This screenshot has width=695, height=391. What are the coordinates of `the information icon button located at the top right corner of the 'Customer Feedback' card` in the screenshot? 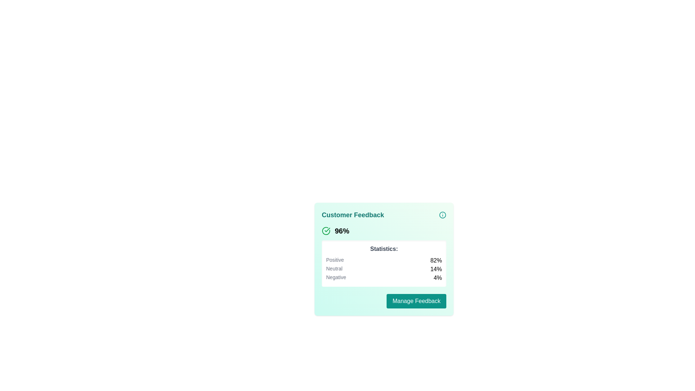 It's located at (442, 215).